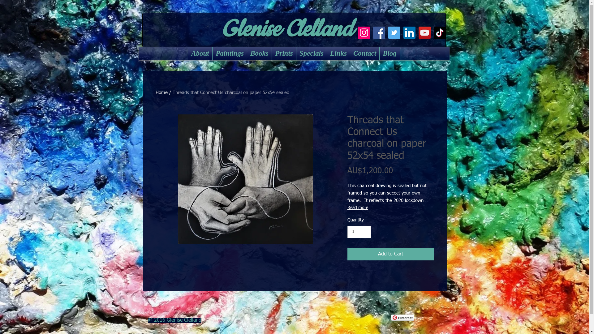 This screenshot has width=594, height=334. What do you see at coordinates (390, 254) in the screenshot?
I see `'Add to Cart'` at bounding box center [390, 254].